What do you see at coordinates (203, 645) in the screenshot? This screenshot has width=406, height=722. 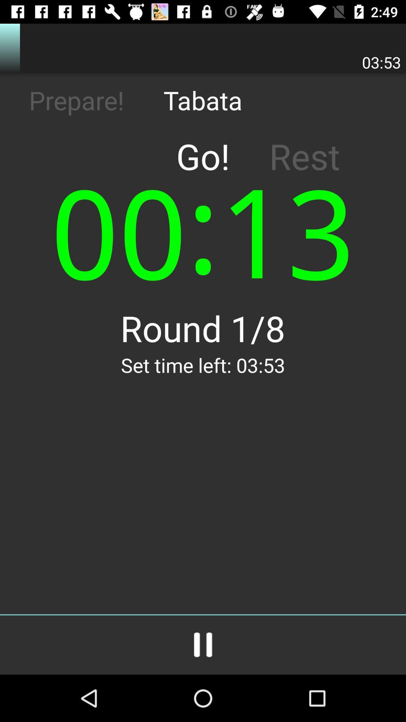 I see `pause timer` at bounding box center [203, 645].